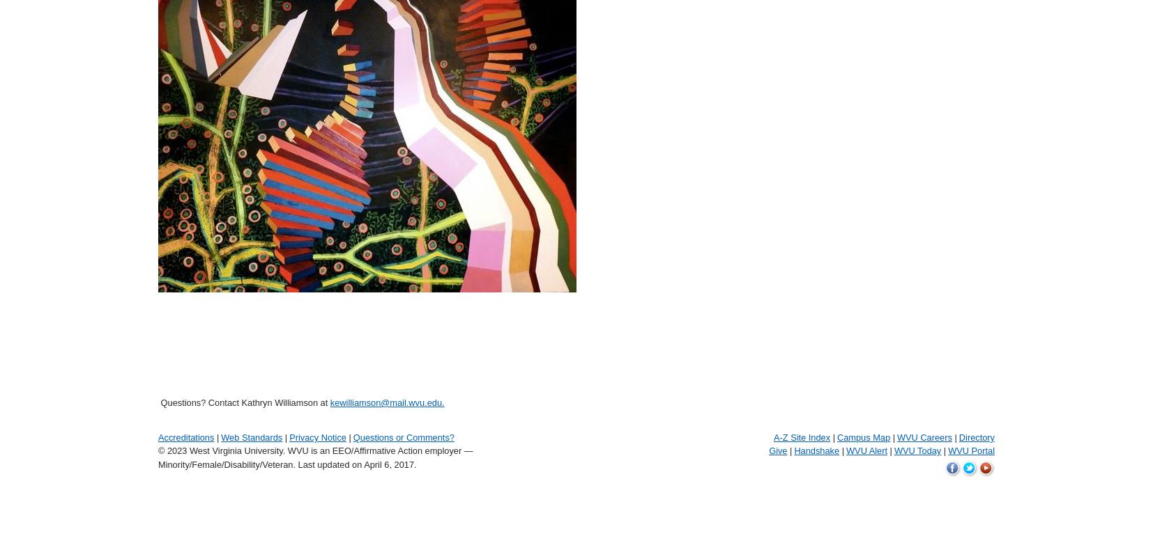 The image size is (1153, 534). I want to click on 'Questions? Contact Kathryn Williamson at', so click(243, 401).